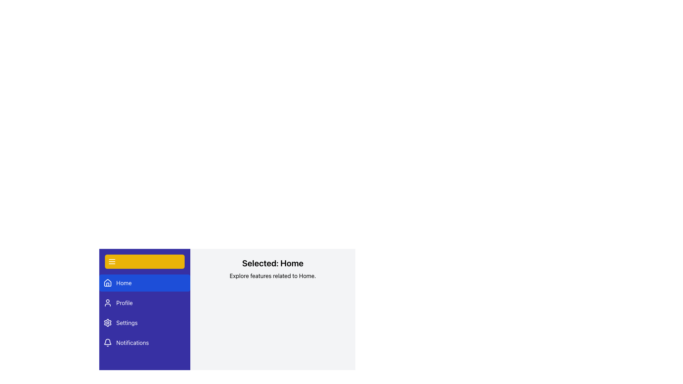 Image resolution: width=683 pixels, height=384 pixels. Describe the element at coordinates (107, 342) in the screenshot. I see `the notification icon located in the 'Notifications' menu item in the vertical side navigation bar, positioned to the left of the label 'Notifications'` at that location.